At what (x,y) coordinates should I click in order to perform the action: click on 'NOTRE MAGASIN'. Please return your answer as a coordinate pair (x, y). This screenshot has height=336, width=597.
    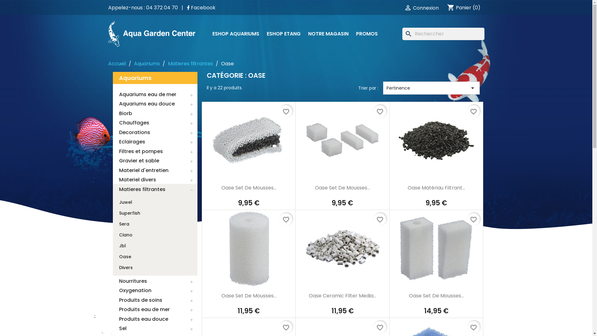
    Looking at the image, I should click on (304, 34).